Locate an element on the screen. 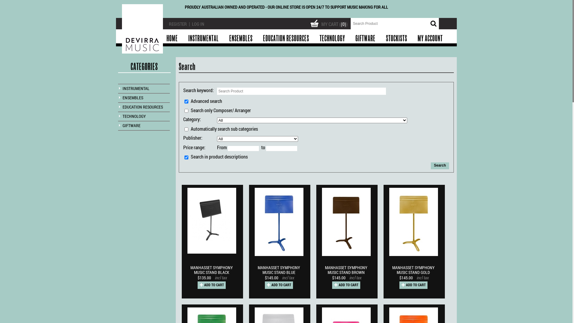  'MANHASSET SYMPHONY MUSIC STAND GOLD' is located at coordinates (414, 271).